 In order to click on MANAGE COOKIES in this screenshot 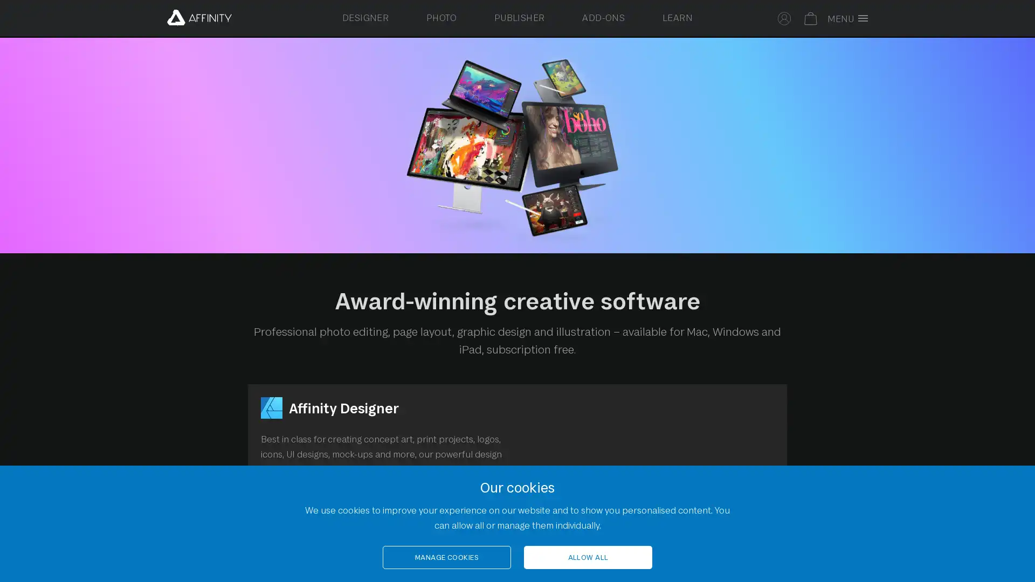, I will do `click(447, 557)`.